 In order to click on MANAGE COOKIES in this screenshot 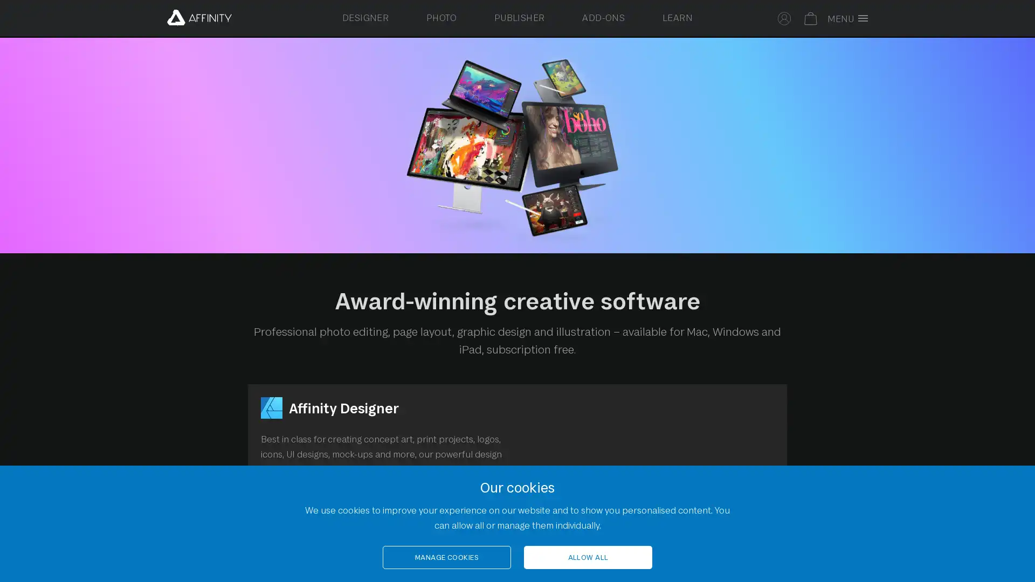, I will do `click(447, 557)`.